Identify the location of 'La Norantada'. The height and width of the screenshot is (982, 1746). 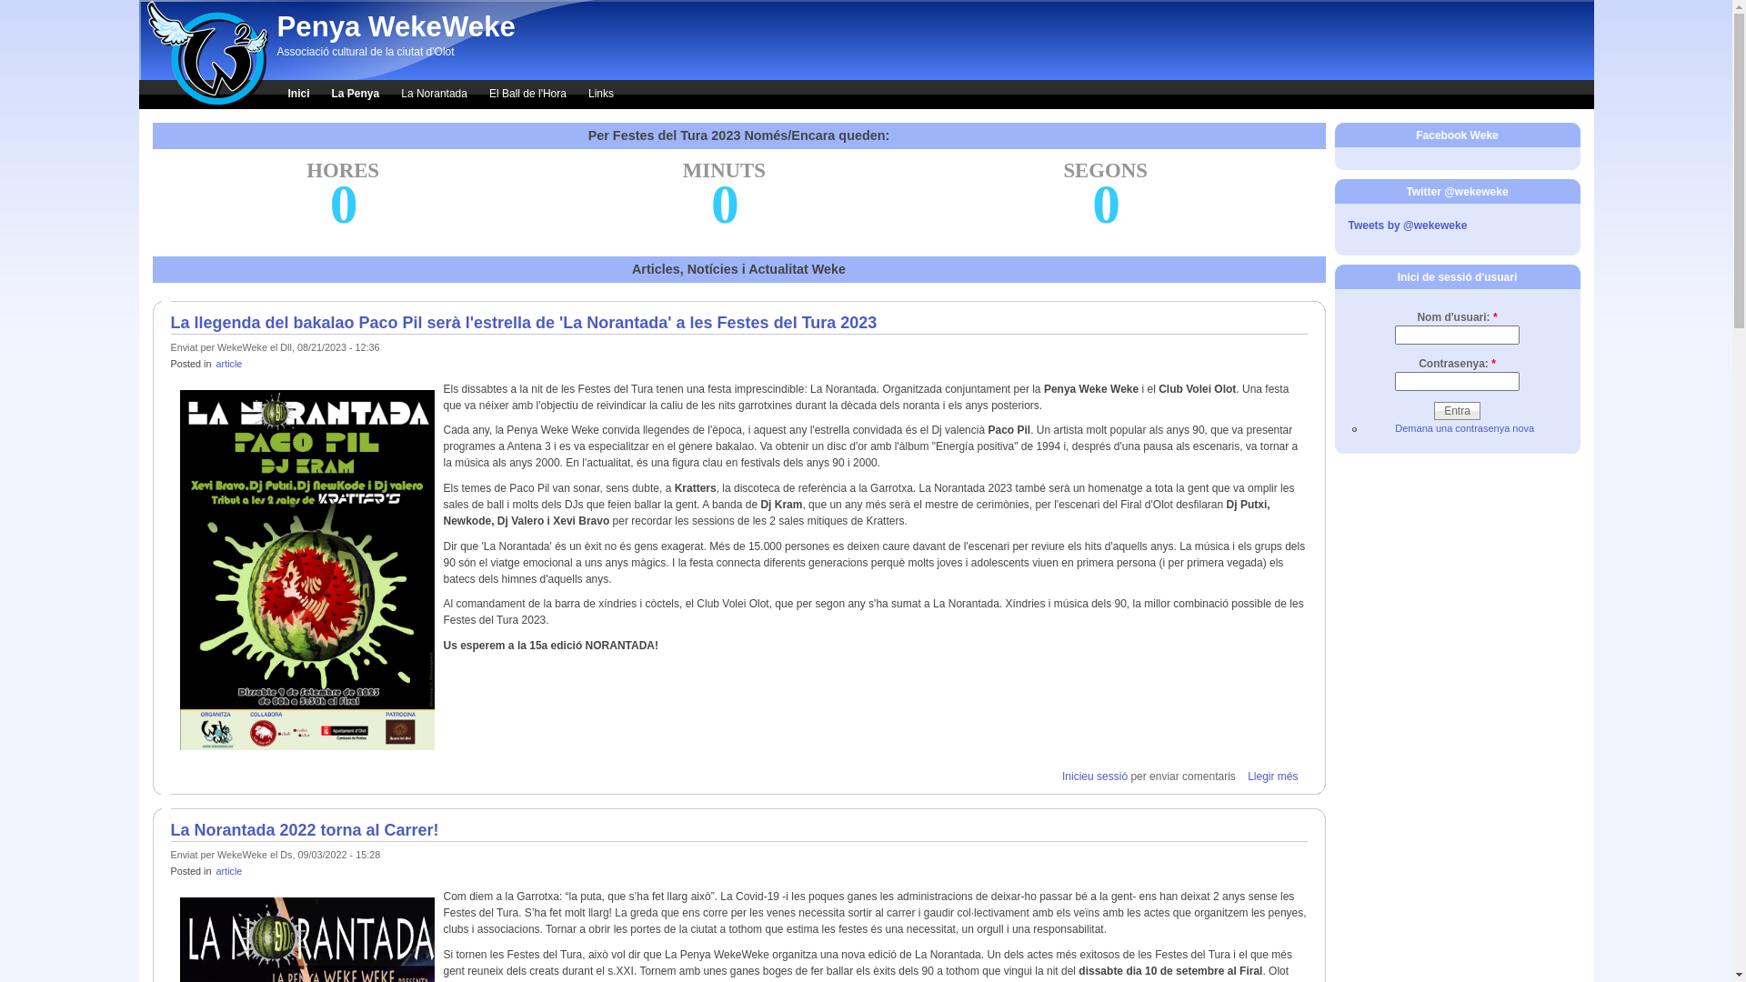
(433, 95).